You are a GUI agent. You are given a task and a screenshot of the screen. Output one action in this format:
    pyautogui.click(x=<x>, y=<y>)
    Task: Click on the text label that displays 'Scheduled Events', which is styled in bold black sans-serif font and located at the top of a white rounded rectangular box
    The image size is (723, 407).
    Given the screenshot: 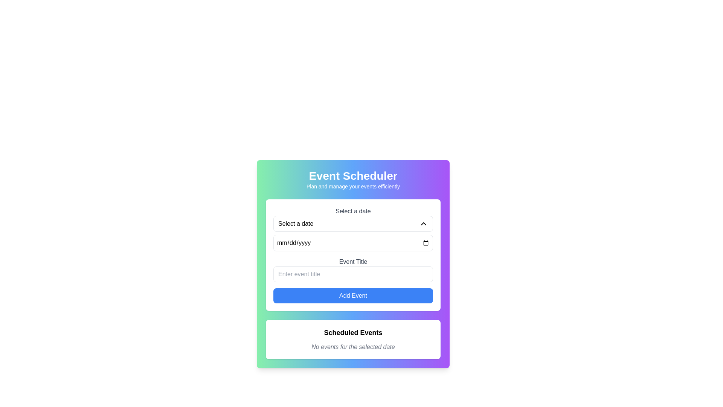 What is the action you would take?
    pyautogui.click(x=352, y=332)
    